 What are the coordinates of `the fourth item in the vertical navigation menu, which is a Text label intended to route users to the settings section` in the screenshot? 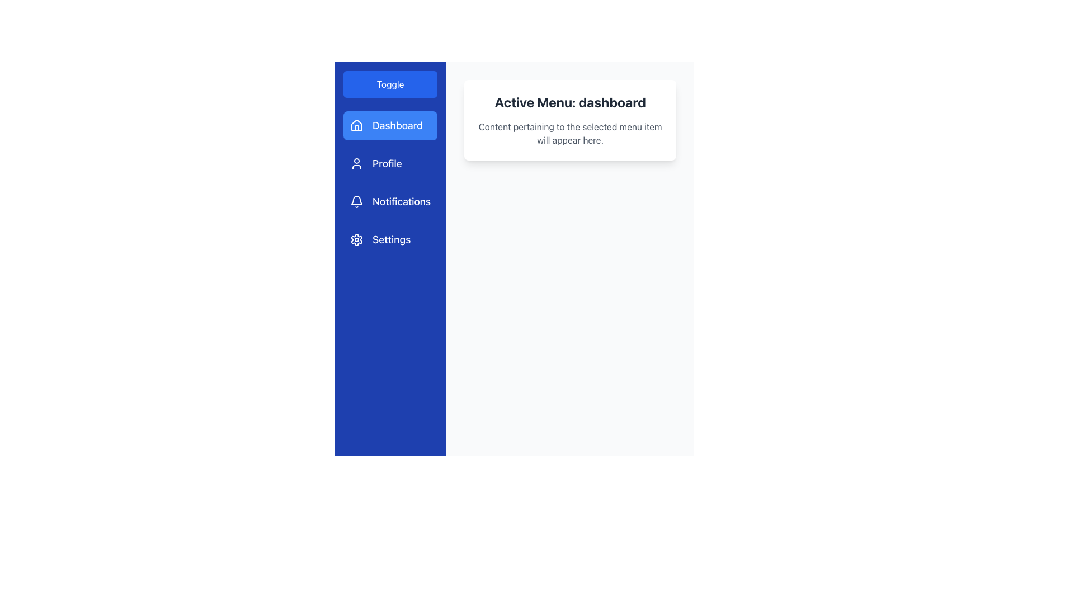 It's located at (392, 239).